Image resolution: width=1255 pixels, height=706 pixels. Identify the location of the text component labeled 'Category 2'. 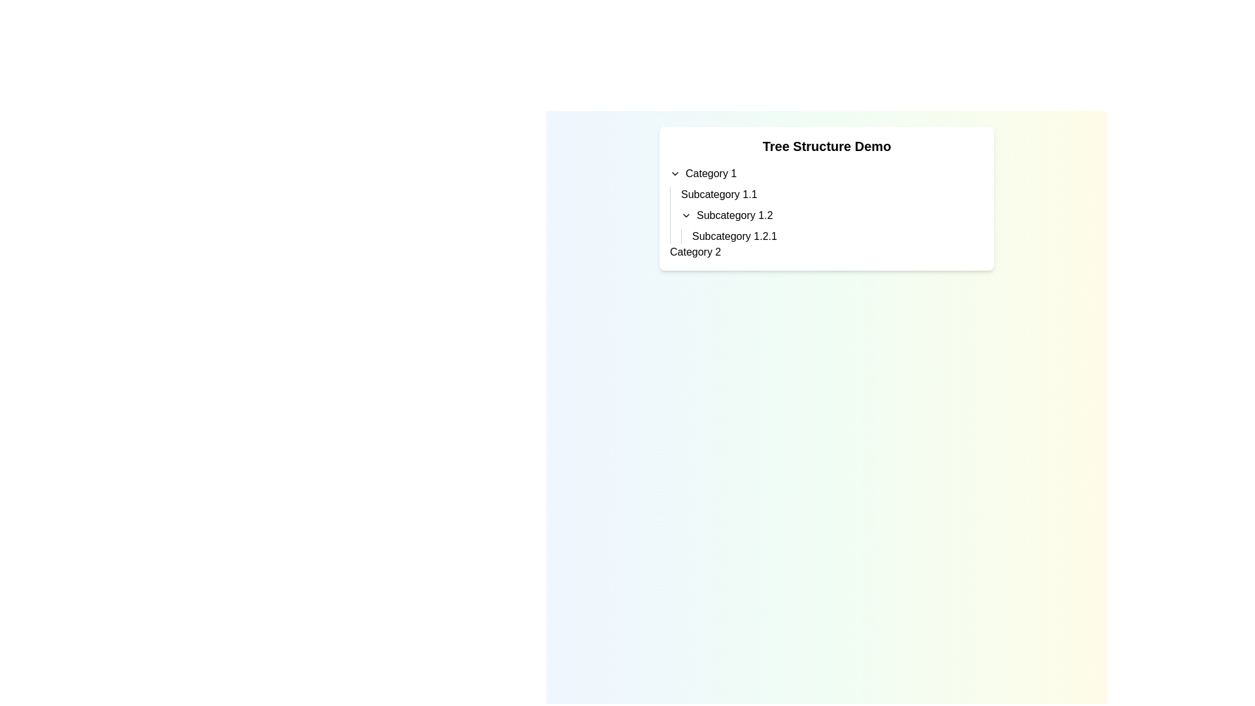
(695, 252).